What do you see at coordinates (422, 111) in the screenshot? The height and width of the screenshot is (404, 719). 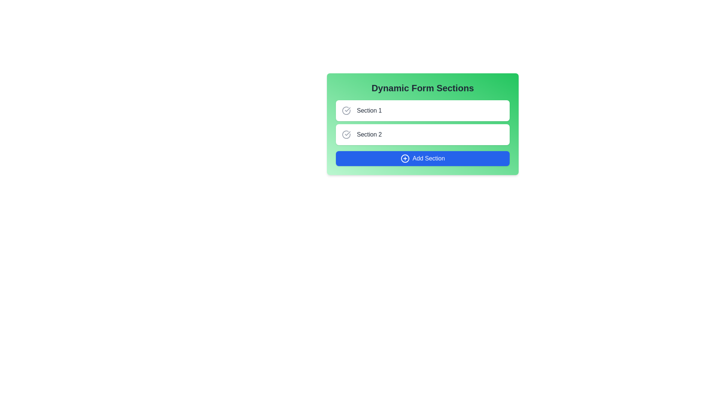 I see `the first clickable section within the 'Dynamic Form Sections' block for rearrangement` at bounding box center [422, 111].